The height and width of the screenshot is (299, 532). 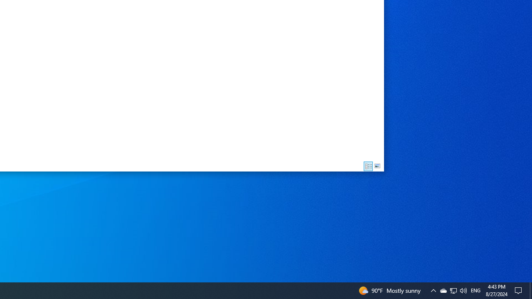 What do you see at coordinates (443, 290) in the screenshot?
I see `'Q2790: 100%'` at bounding box center [443, 290].